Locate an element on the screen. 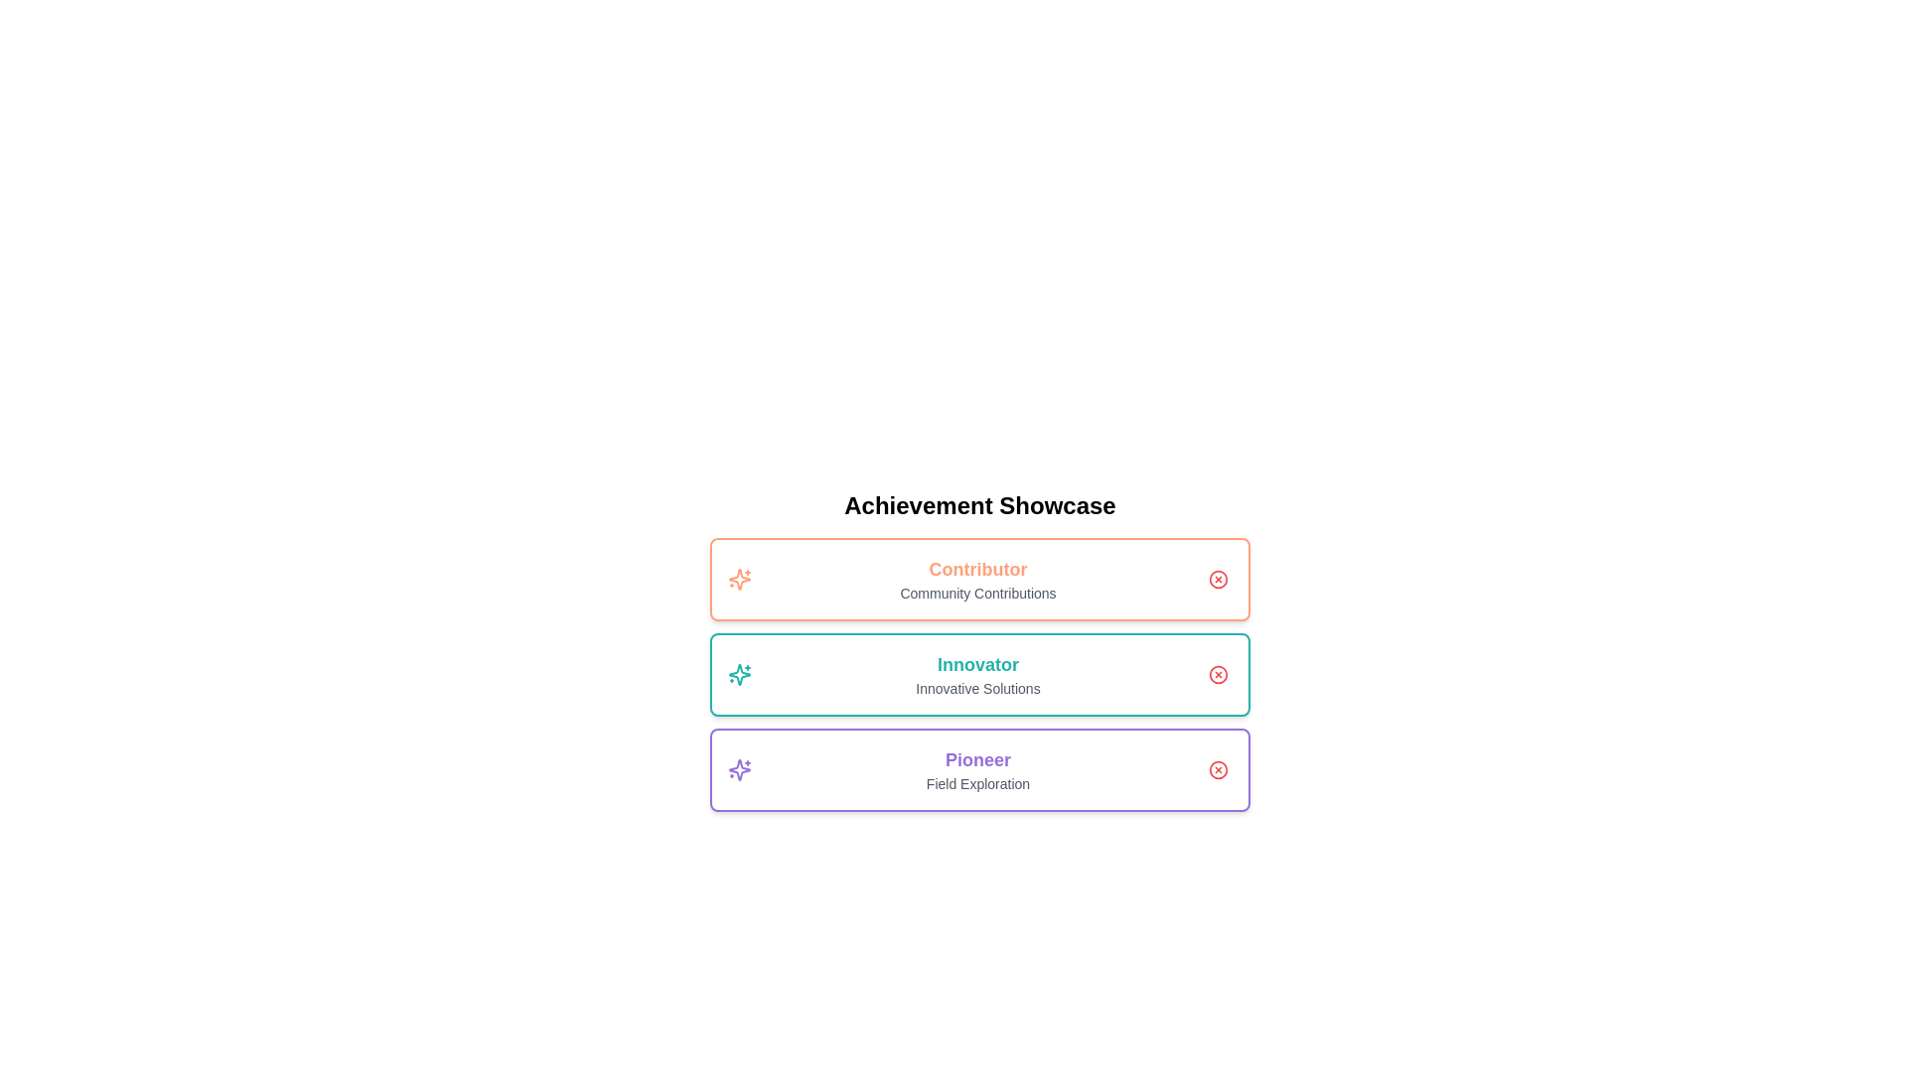  the text of the achievement to select it is located at coordinates (977, 570).